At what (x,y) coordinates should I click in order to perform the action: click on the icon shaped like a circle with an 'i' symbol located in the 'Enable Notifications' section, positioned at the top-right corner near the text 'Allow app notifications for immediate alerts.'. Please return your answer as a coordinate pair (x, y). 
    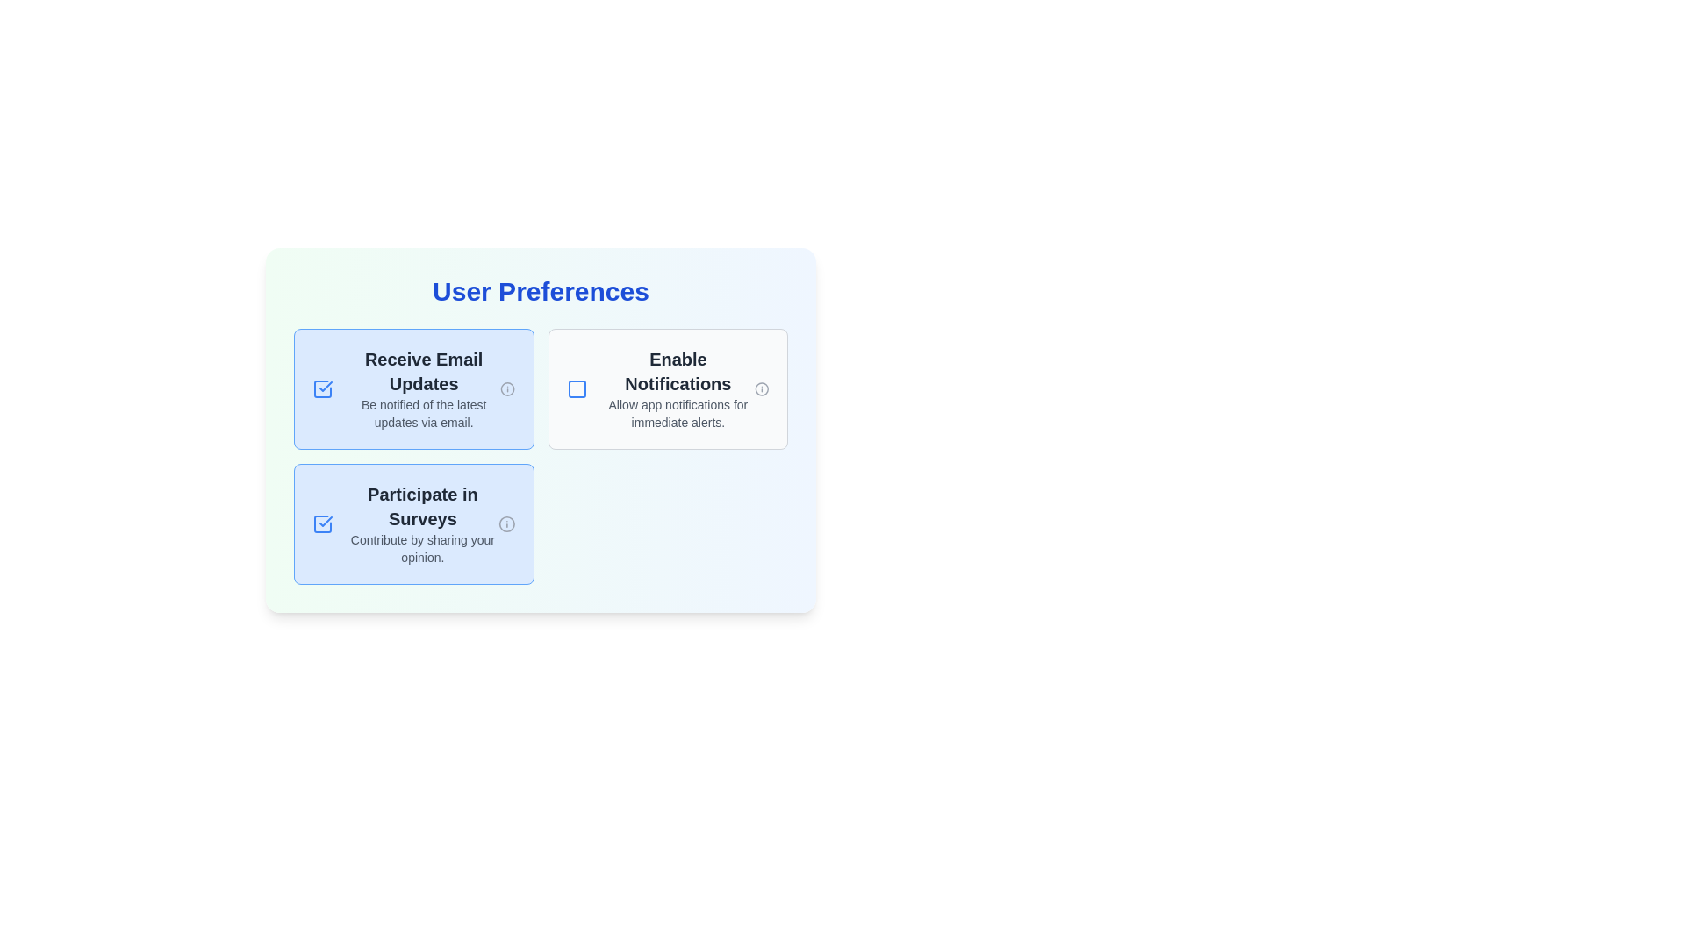
    Looking at the image, I should click on (762, 388).